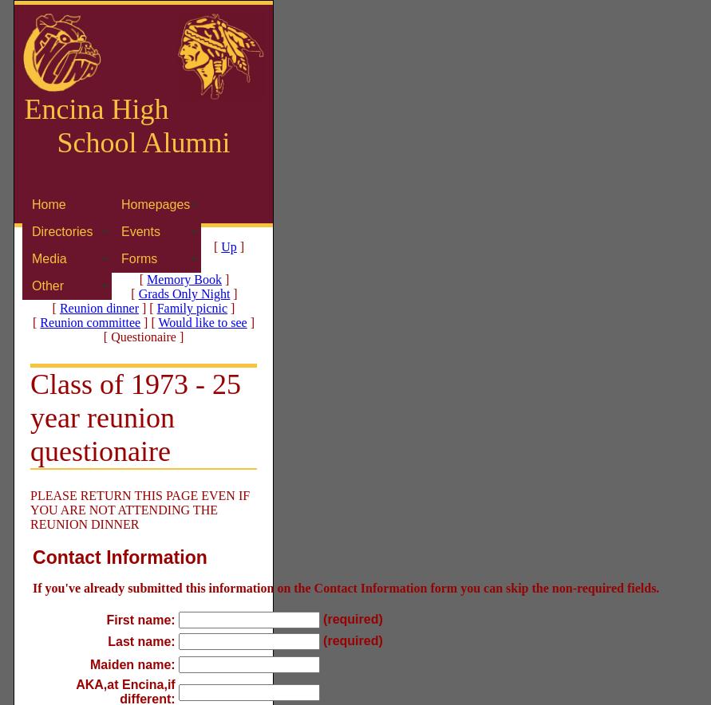  Describe the element at coordinates (184, 278) in the screenshot. I see `'Memory Book'` at that location.